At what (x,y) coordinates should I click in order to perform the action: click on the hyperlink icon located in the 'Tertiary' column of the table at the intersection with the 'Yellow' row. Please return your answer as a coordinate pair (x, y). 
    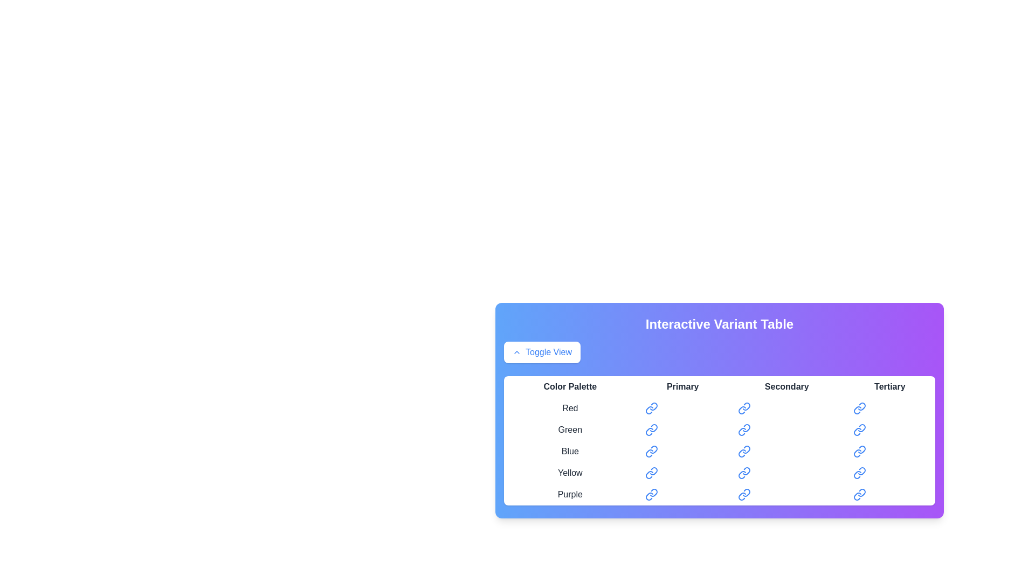
    Looking at the image, I should click on (859, 473).